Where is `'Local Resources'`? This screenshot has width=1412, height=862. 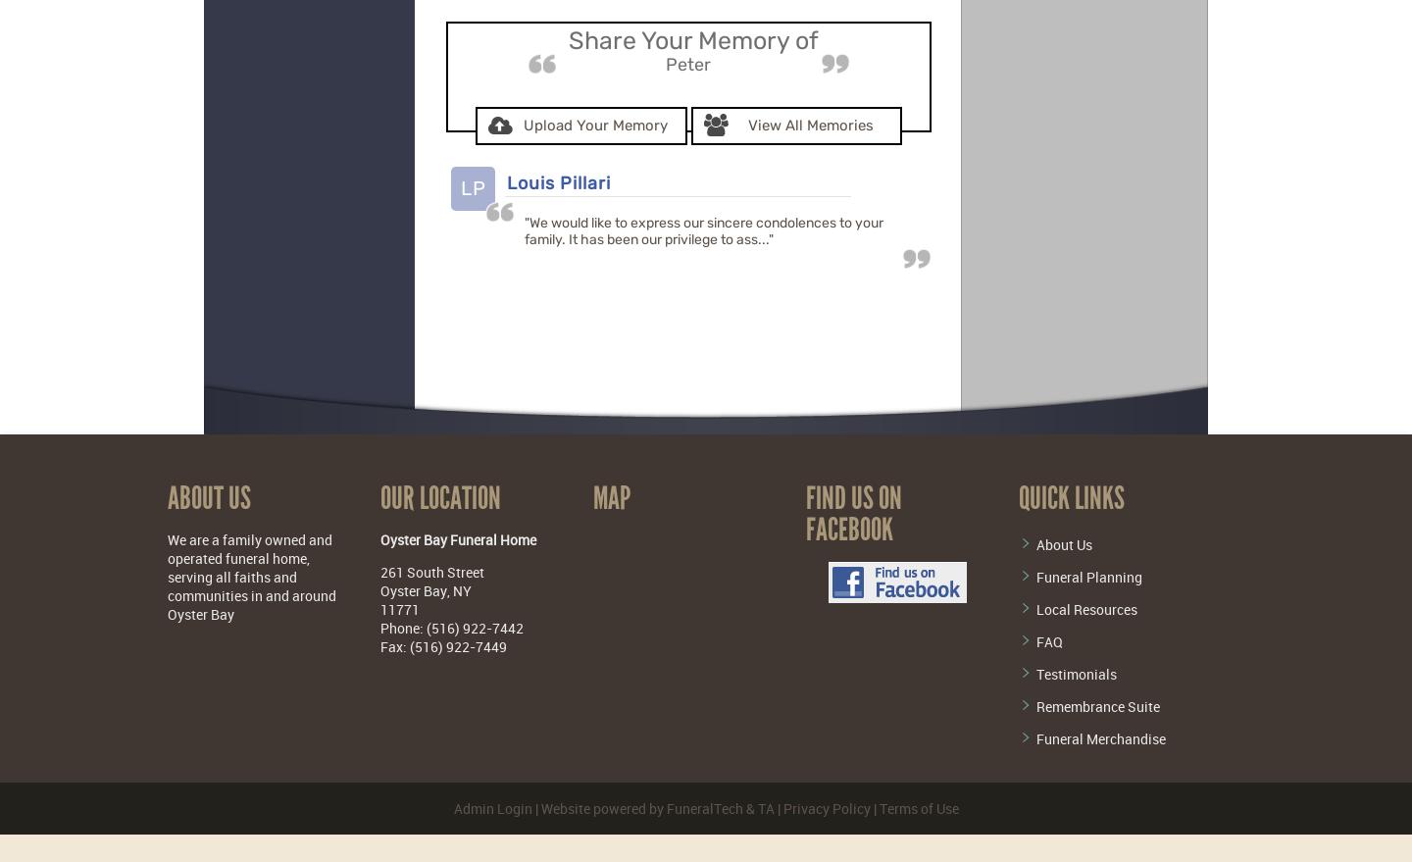 'Local Resources' is located at coordinates (1035, 608).